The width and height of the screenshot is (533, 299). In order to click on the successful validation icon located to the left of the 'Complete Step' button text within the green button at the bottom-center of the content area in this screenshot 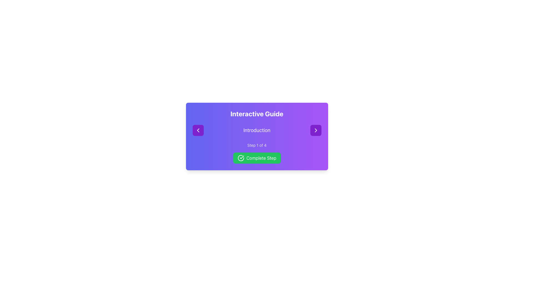, I will do `click(241, 158)`.